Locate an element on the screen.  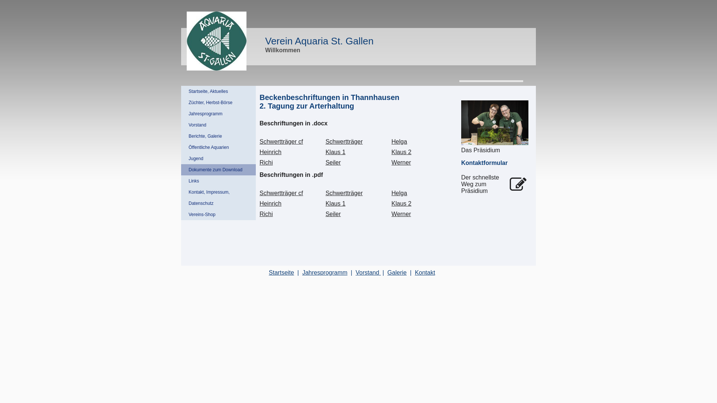
'Helga' is located at coordinates (391, 141).